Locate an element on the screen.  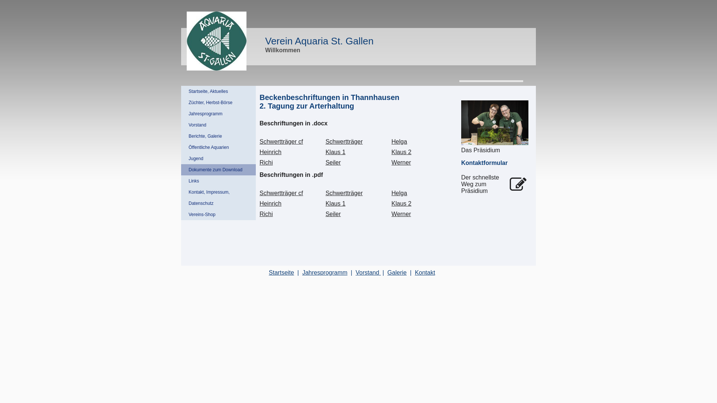
'Helga' is located at coordinates (391, 141).